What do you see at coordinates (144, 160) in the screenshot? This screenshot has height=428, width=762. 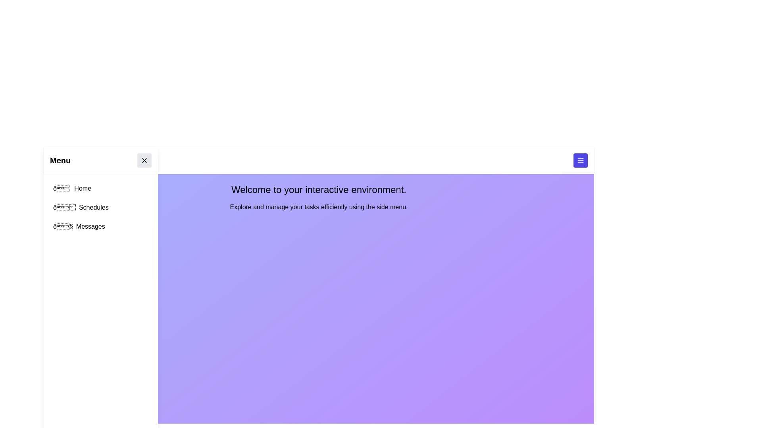 I see `the close button located in the top-right corner of the menu section` at bounding box center [144, 160].